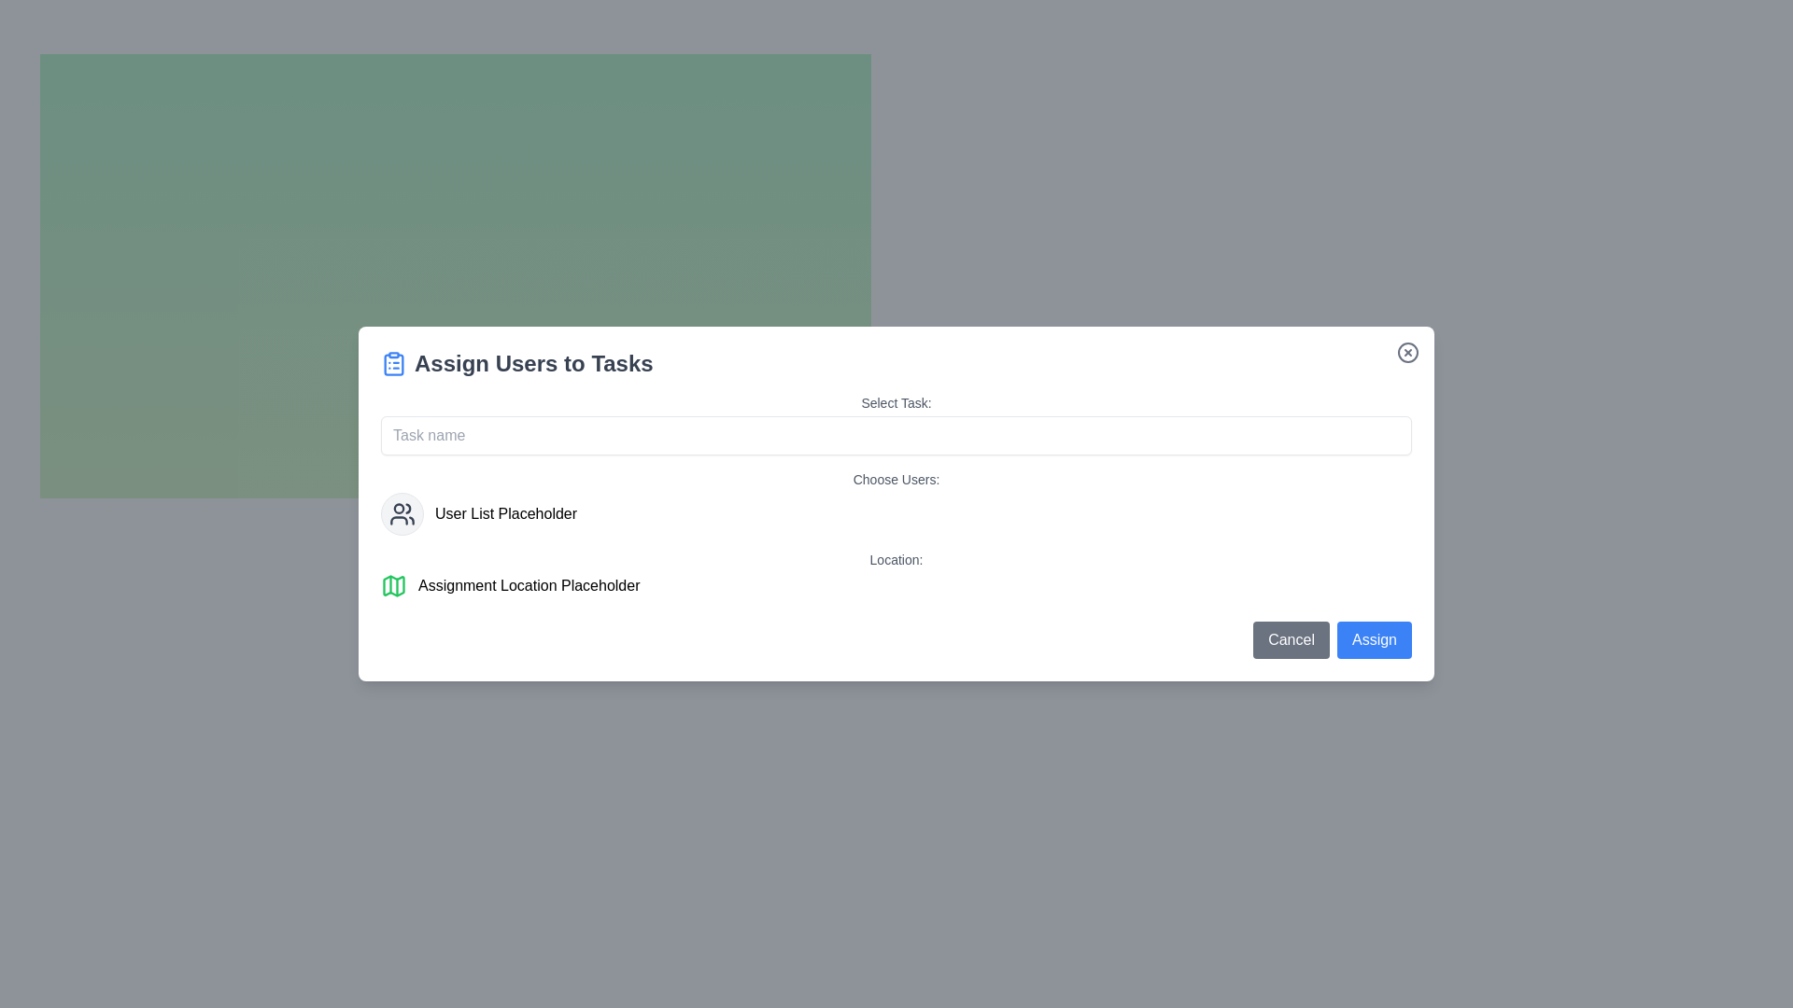 This screenshot has width=1793, height=1008. What do you see at coordinates (506, 514) in the screenshot?
I see `the text label displaying 'User List Placeholder', which is centrally positioned below the task name input field and to the right of the group icon` at bounding box center [506, 514].